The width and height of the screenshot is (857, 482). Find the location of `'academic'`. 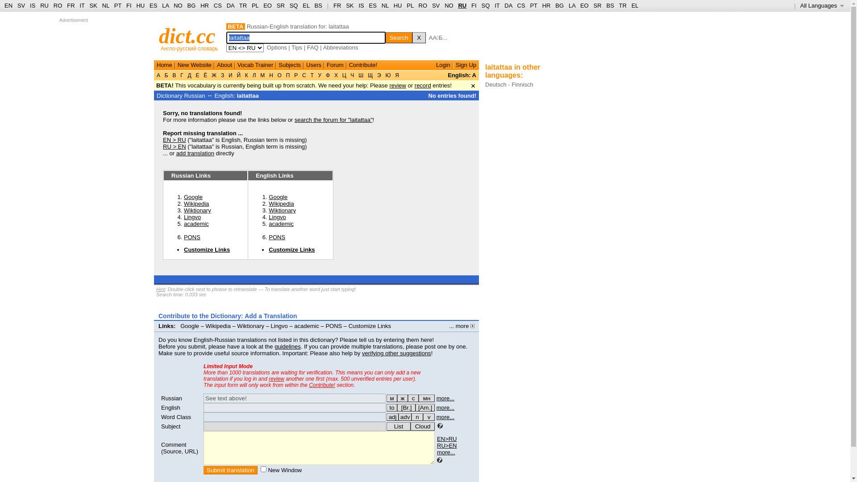

'academic' is located at coordinates (294, 326).